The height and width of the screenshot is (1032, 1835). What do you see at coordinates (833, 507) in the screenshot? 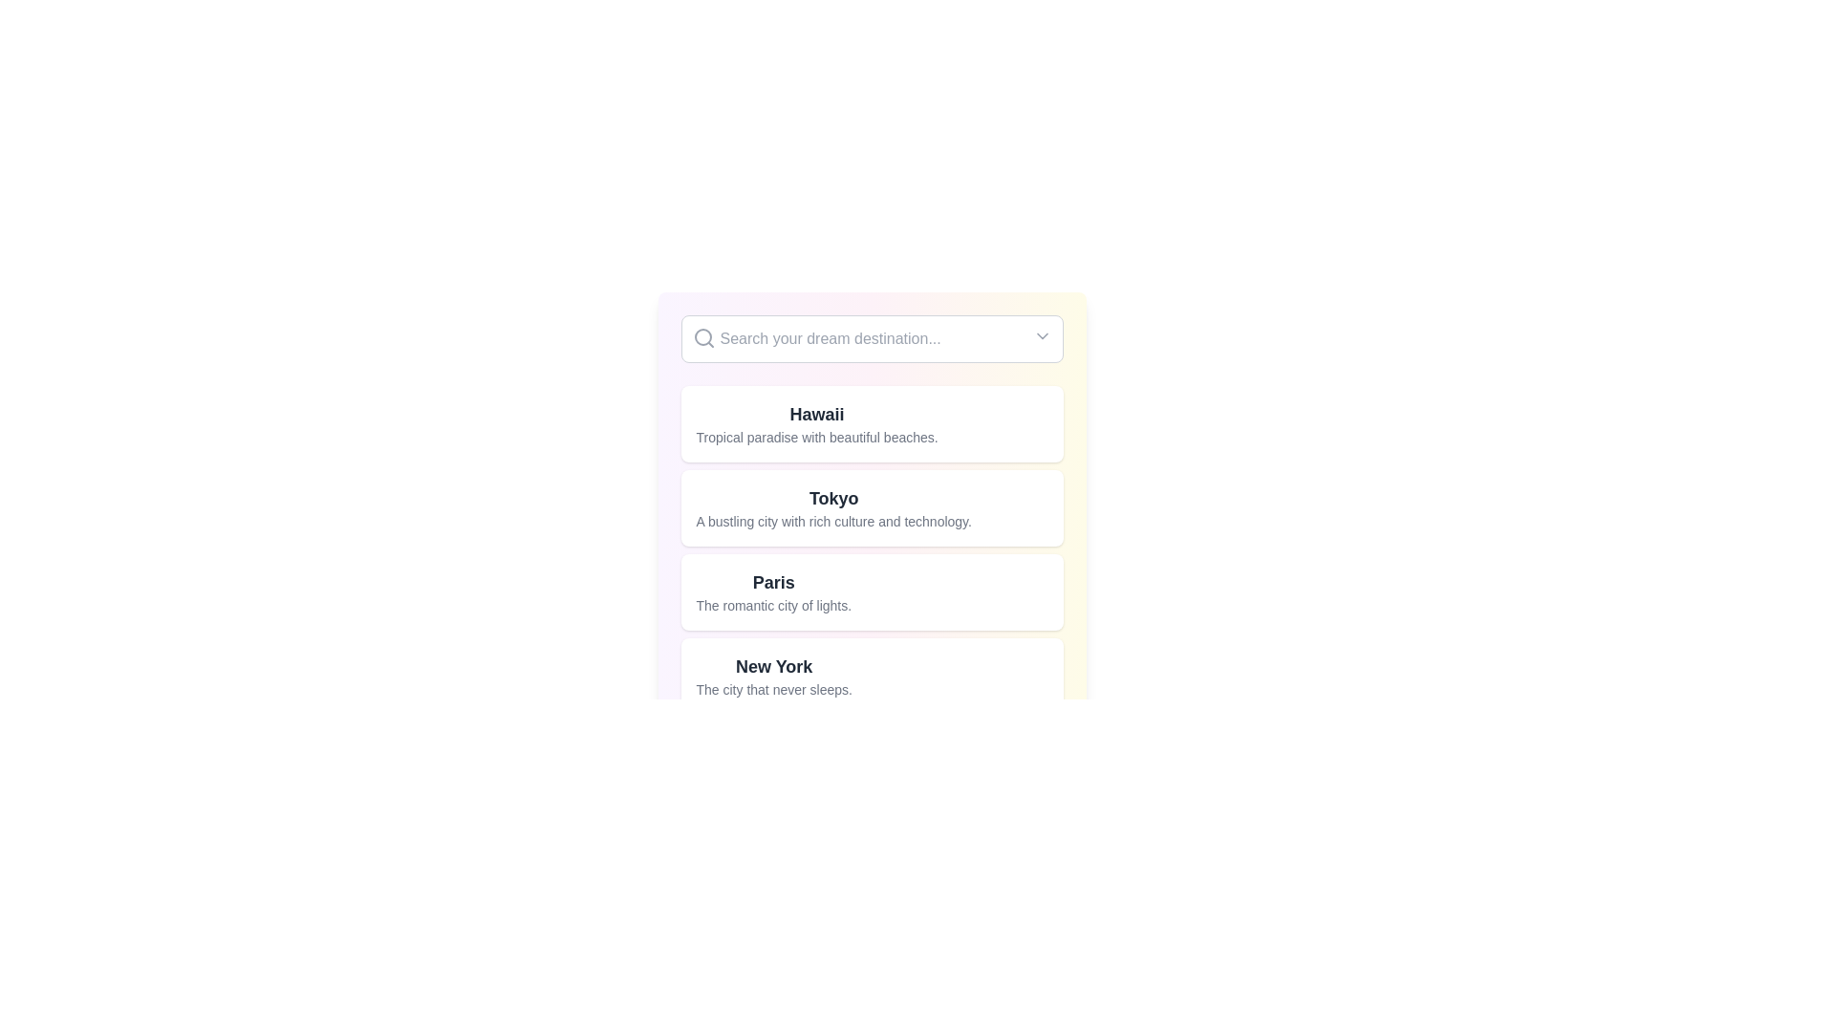
I see `the informational text block for 'Tokyo' which is the second entry in the list below 'Hawaii'` at bounding box center [833, 507].